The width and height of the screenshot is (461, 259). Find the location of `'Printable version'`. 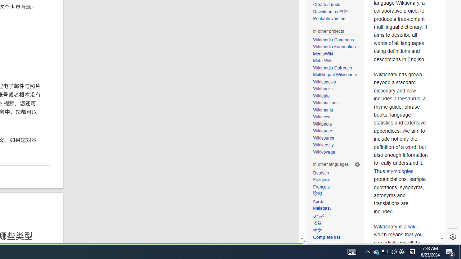

'Printable version' is located at coordinates (336, 19).